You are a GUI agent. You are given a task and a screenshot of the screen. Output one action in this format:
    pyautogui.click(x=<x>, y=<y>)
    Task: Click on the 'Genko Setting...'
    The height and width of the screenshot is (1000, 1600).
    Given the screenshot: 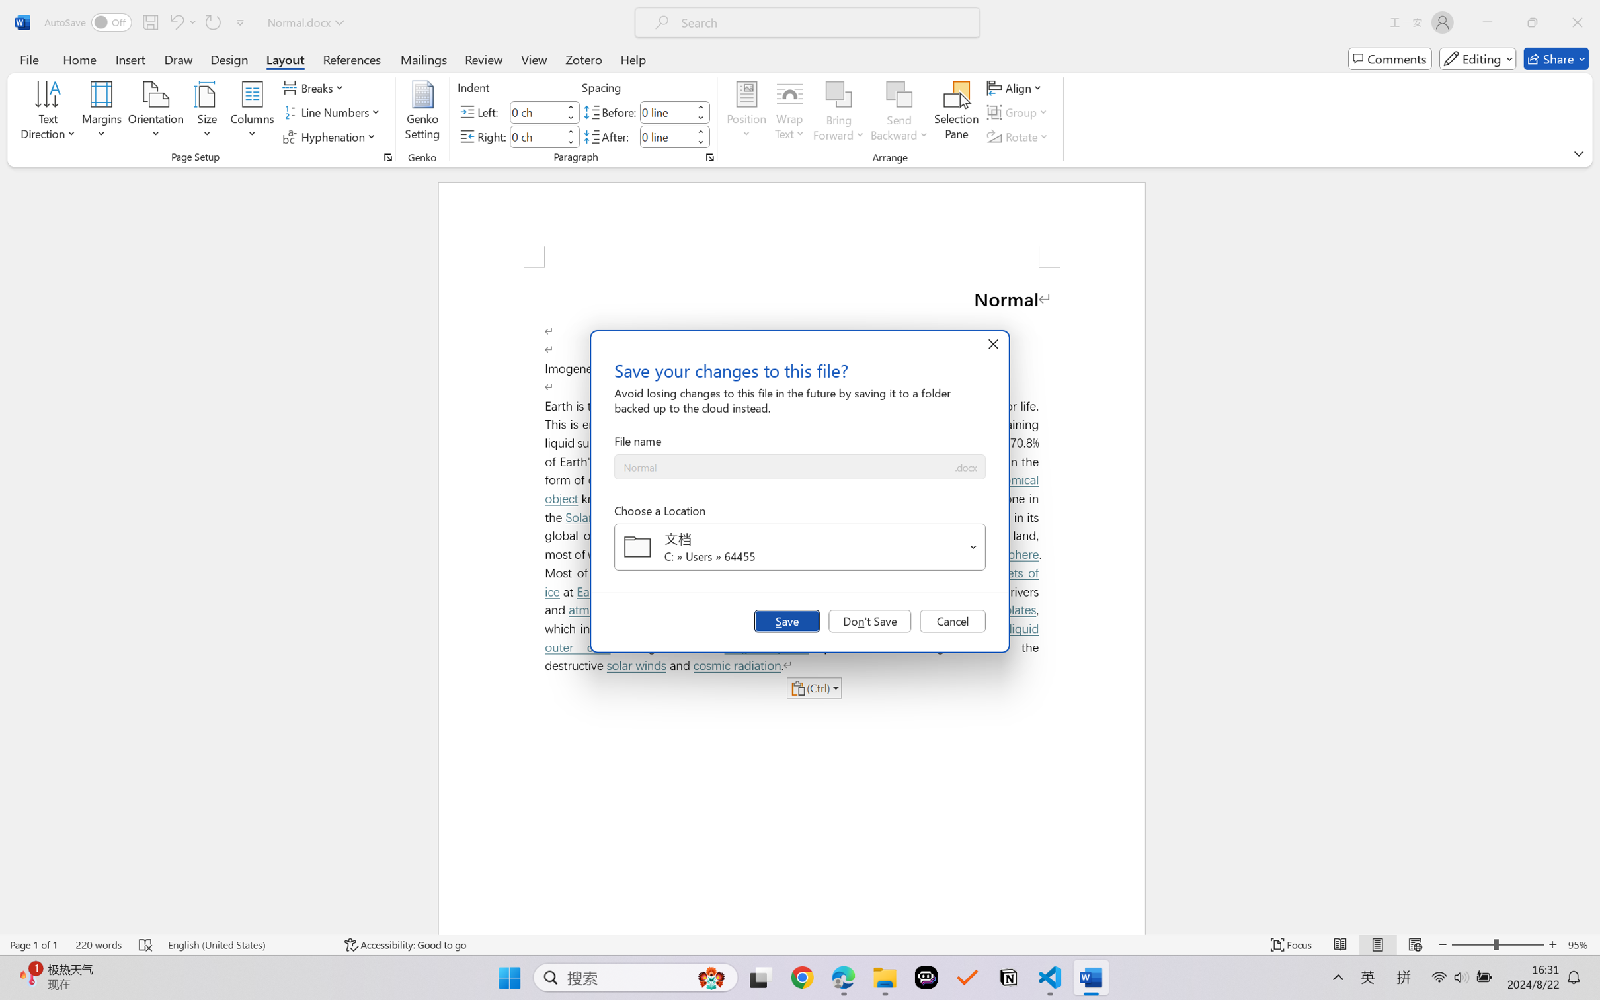 What is the action you would take?
    pyautogui.click(x=423, y=112)
    